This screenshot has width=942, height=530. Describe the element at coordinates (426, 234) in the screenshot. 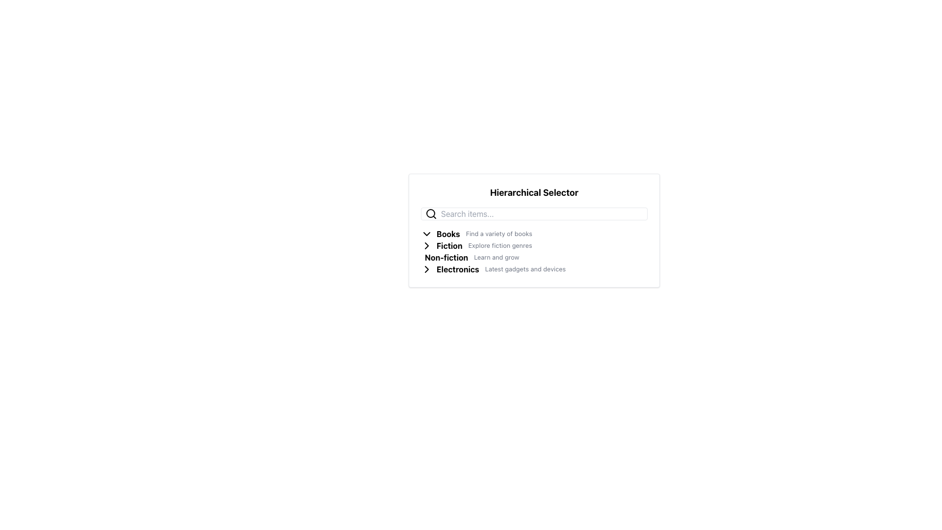

I see `the Dropdown Icon Indicator located to the left of the 'Books' category label` at that location.